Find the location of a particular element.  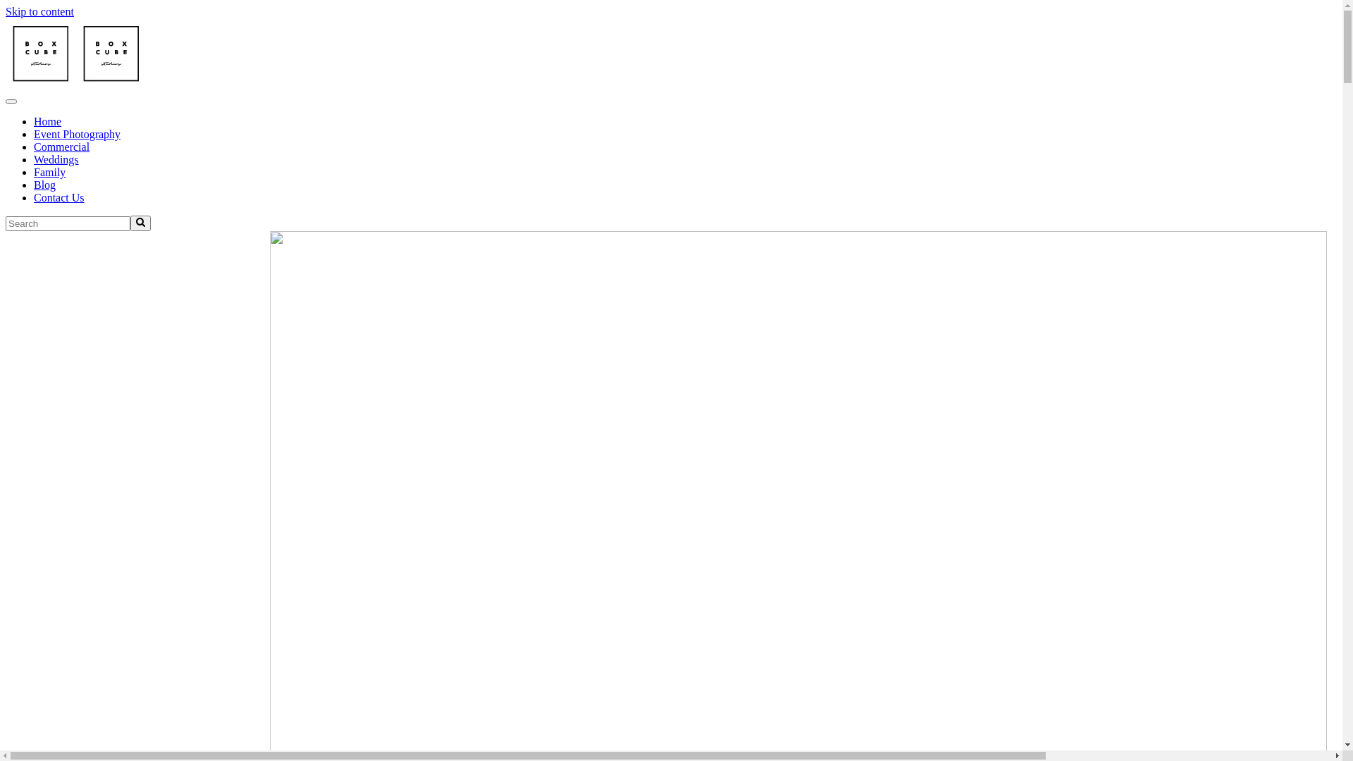

'Family' is located at coordinates (49, 171).